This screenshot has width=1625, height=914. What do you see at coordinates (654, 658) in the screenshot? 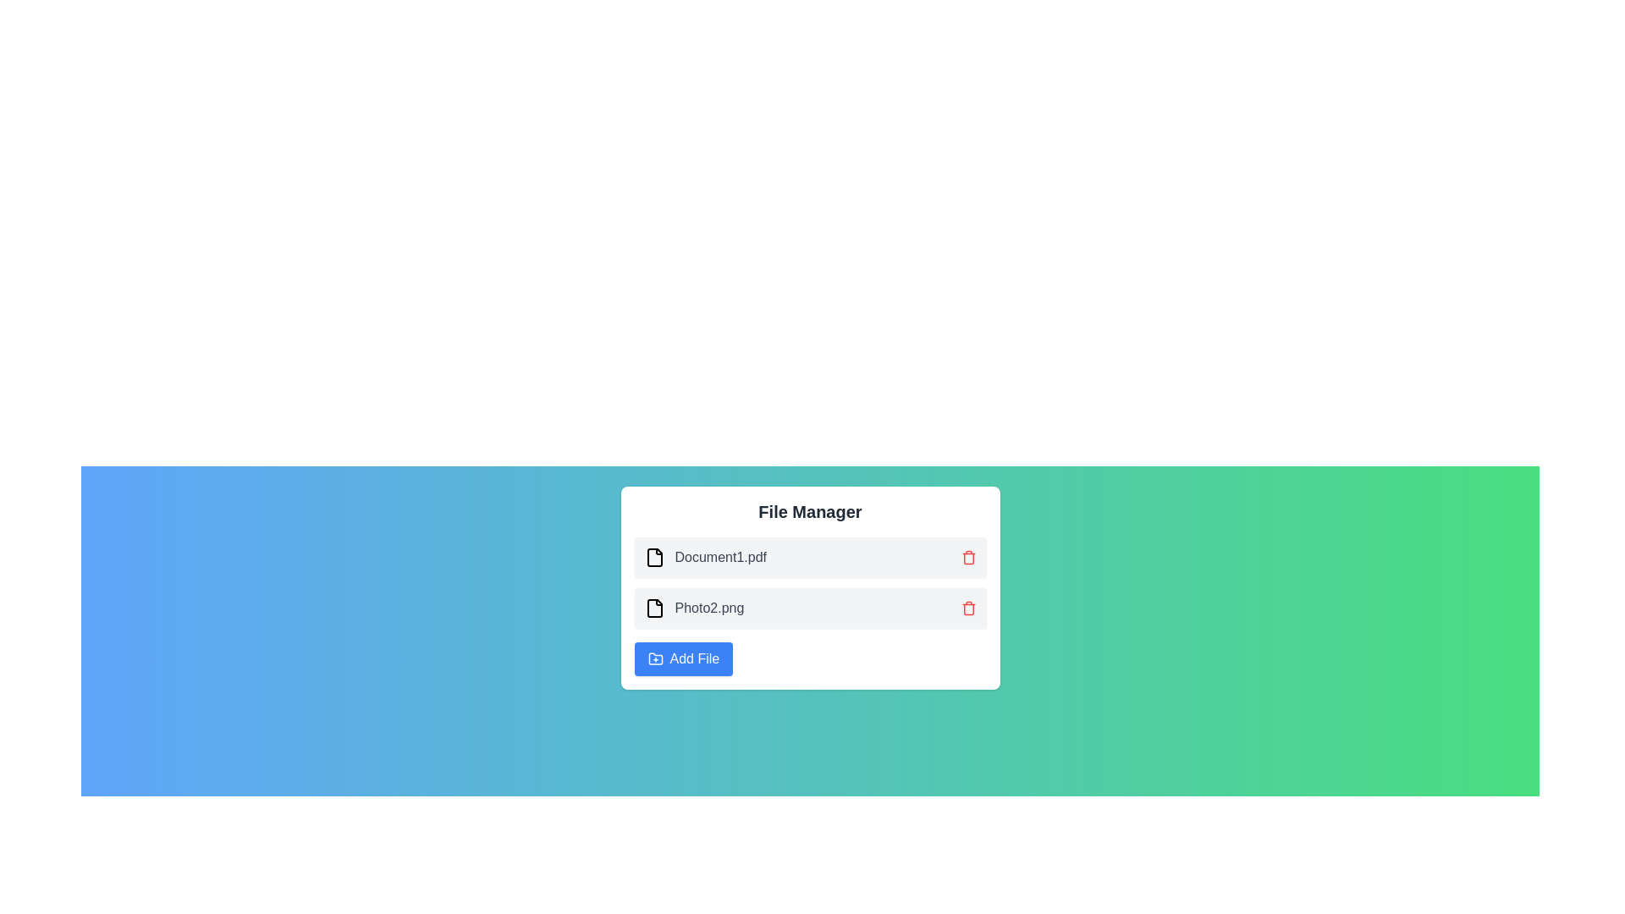
I see `the folder icon with a plus symbol located at the bottom of the 'File Manager' card, which is part of the button labeled 'Add File'` at bounding box center [654, 658].